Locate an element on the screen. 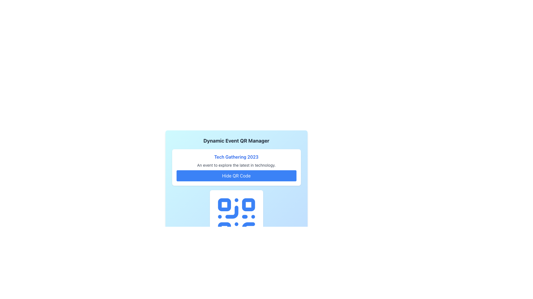 The width and height of the screenshot is (533, 299). the static text element that provides descriptive information about the event, located below the 'Tech Gathering 2023' title and above the 'Hide QR Code' button is located at coordinates (236, 165).